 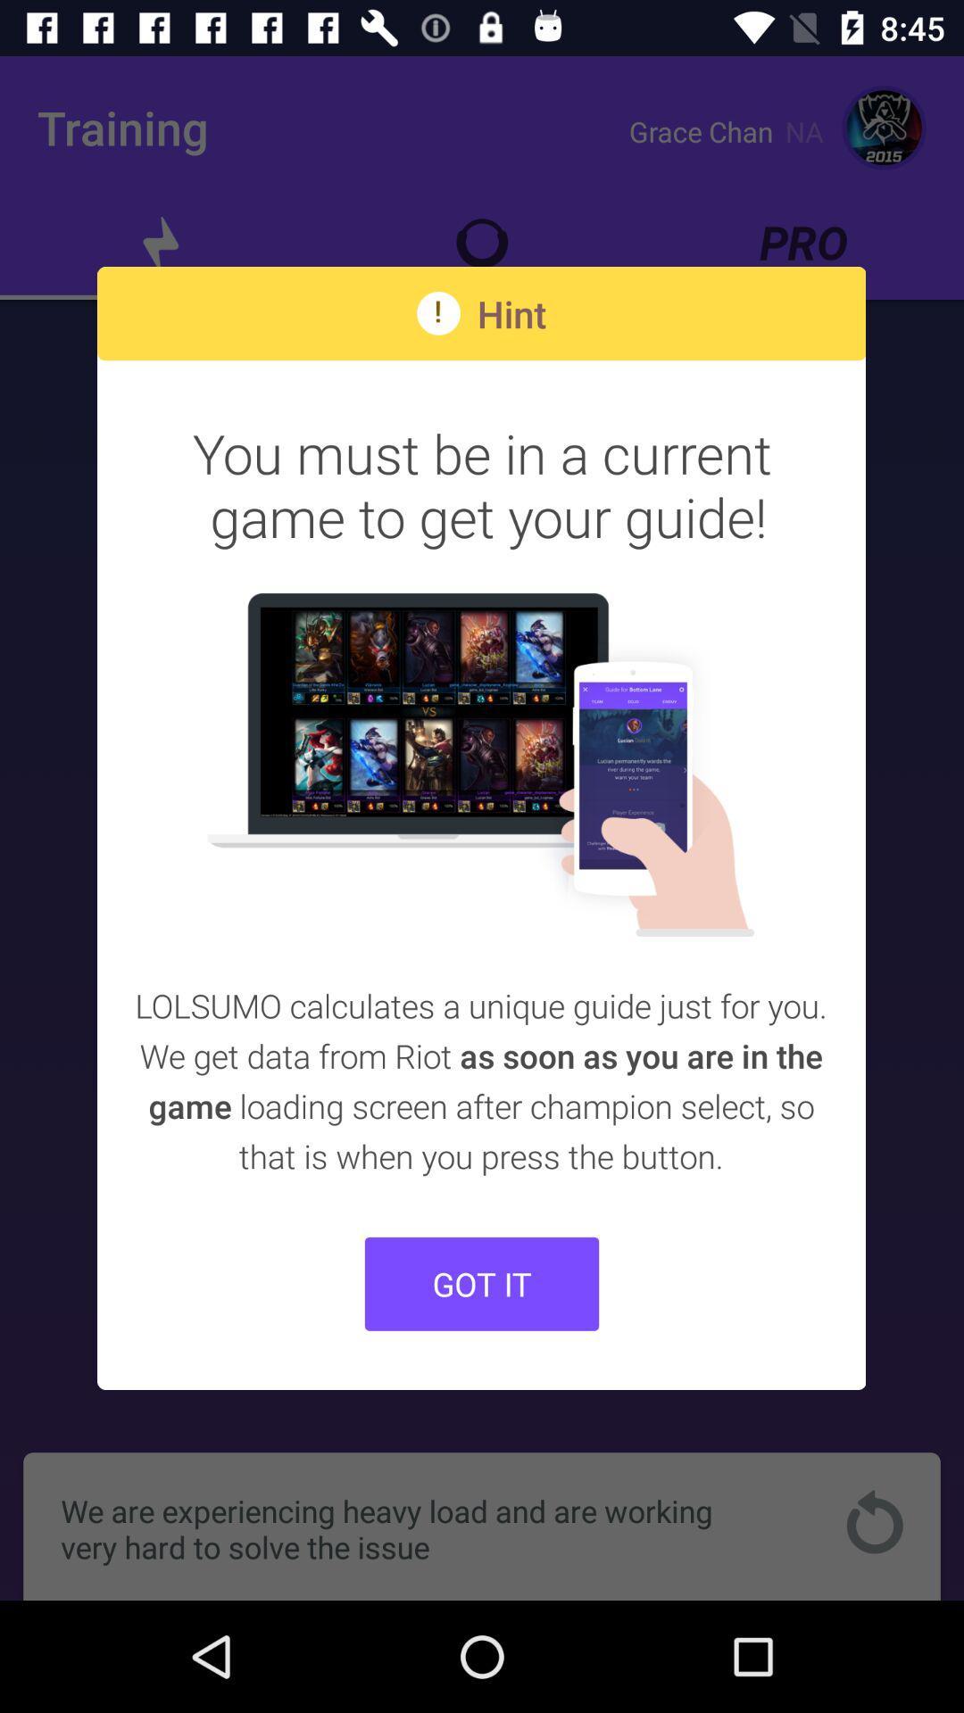 I want to click on got it icon, so click(x=482, y=1283).